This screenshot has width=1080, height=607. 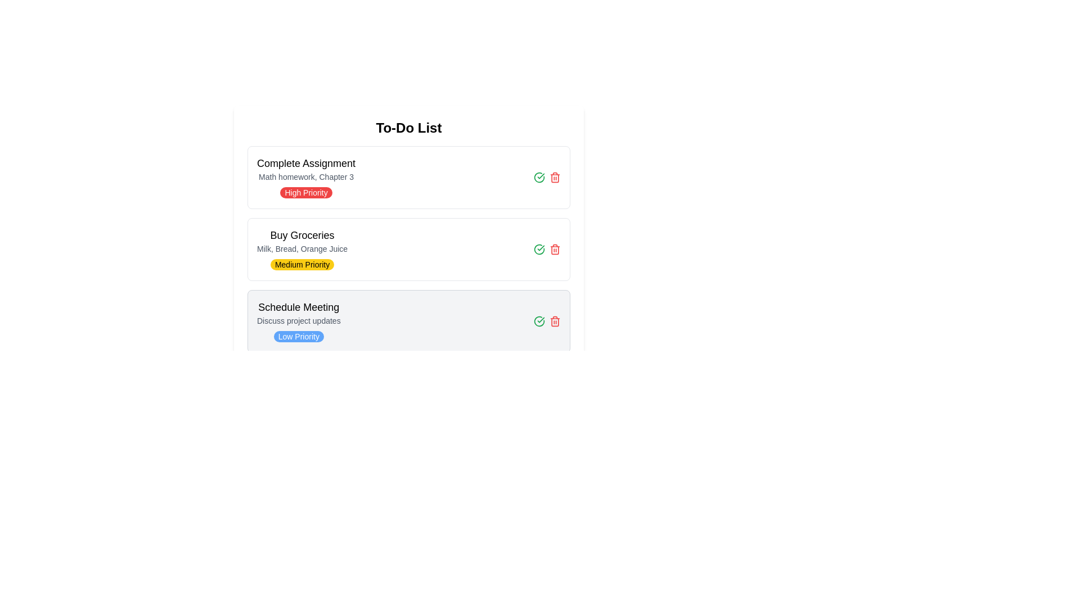 I want to click on the 'Complete Assignment' list item, so click(x=306, y=177).